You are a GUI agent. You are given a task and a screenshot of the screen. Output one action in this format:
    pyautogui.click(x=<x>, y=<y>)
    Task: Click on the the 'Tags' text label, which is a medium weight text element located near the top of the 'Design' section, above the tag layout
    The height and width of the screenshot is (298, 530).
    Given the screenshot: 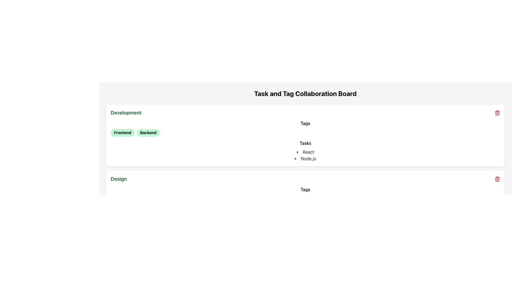 What is the action you would take?
    pyautogui.click(x=305, y=189)
    